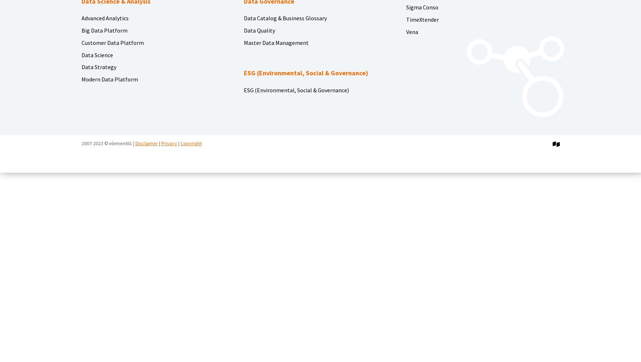 This screenshot has height=362, width=641. I want to click on 'Master Data Management', so click(275, 42).